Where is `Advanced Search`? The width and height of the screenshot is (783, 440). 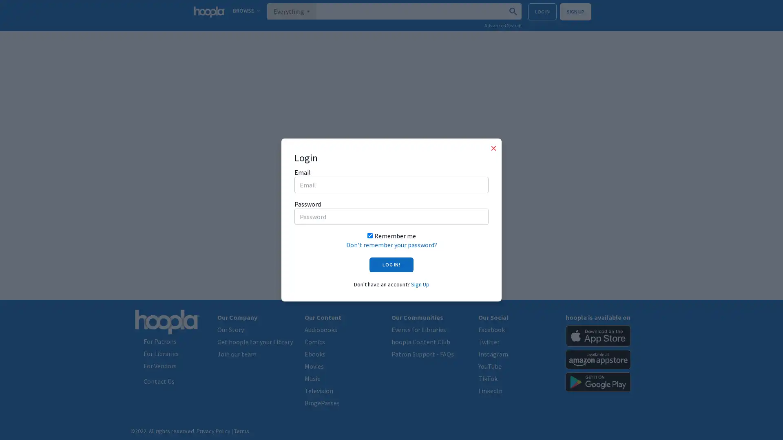
Advanced Search is located at coordinates (502, 25).